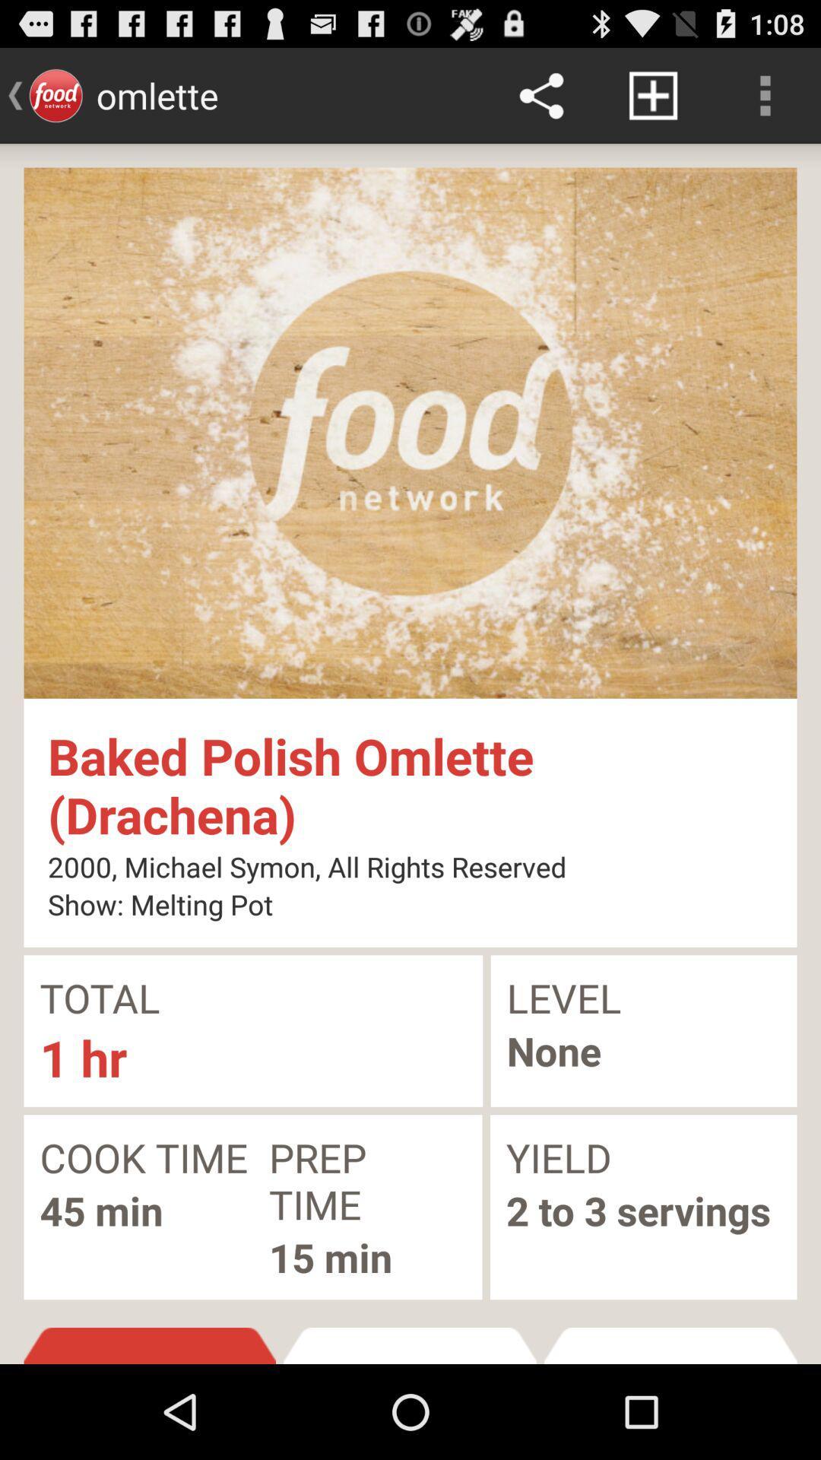  What do you see at coordinates (670, 1346) in the screenshot?
I see `item next to recipe button` at bounding box center [670, 1346].